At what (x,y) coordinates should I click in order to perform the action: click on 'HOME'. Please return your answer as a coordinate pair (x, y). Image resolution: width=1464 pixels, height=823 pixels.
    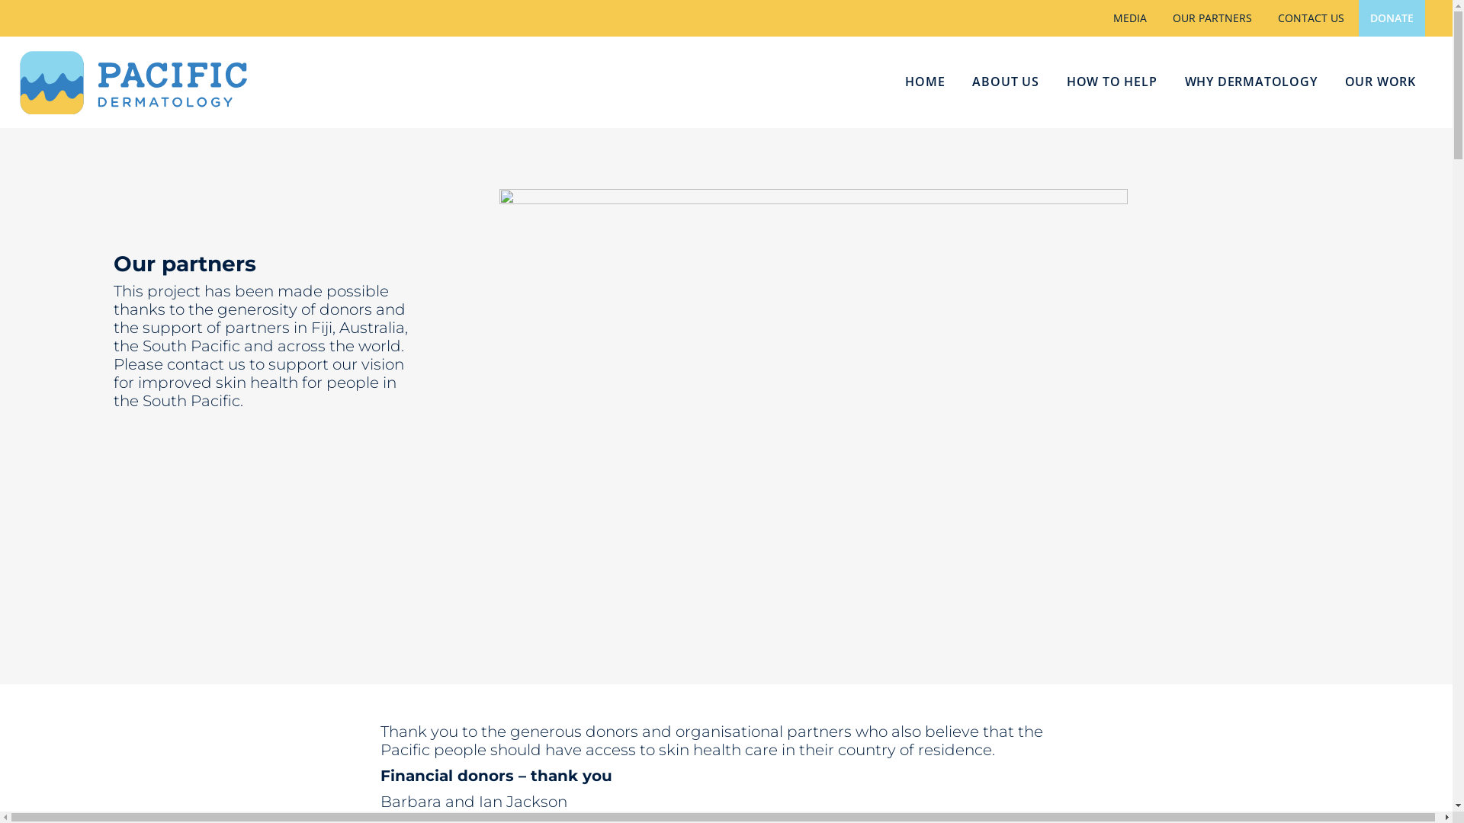
    Looking at the image, I should click on (924, 82).